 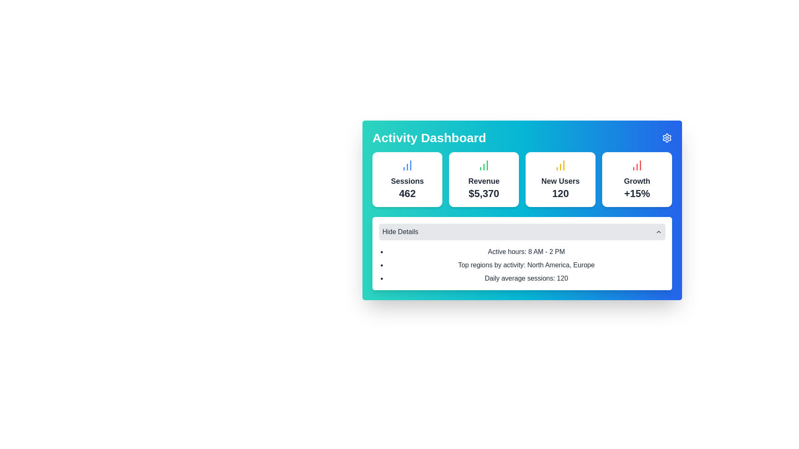 I want to click on the Text label displaying the percentage value in the 'Growth' section of the dashboard, located directly below the text 'Growth', so click(x=637, y=194).